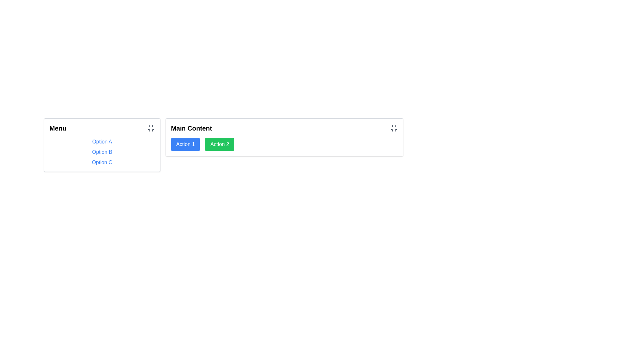 Image resolution: width=621 pixels, height=349 pixels. I want to click on the green button labeled 'Action 2' located immediately to the right of the 'Action 1' button within the 'Main Content' block, so click(220, 144).